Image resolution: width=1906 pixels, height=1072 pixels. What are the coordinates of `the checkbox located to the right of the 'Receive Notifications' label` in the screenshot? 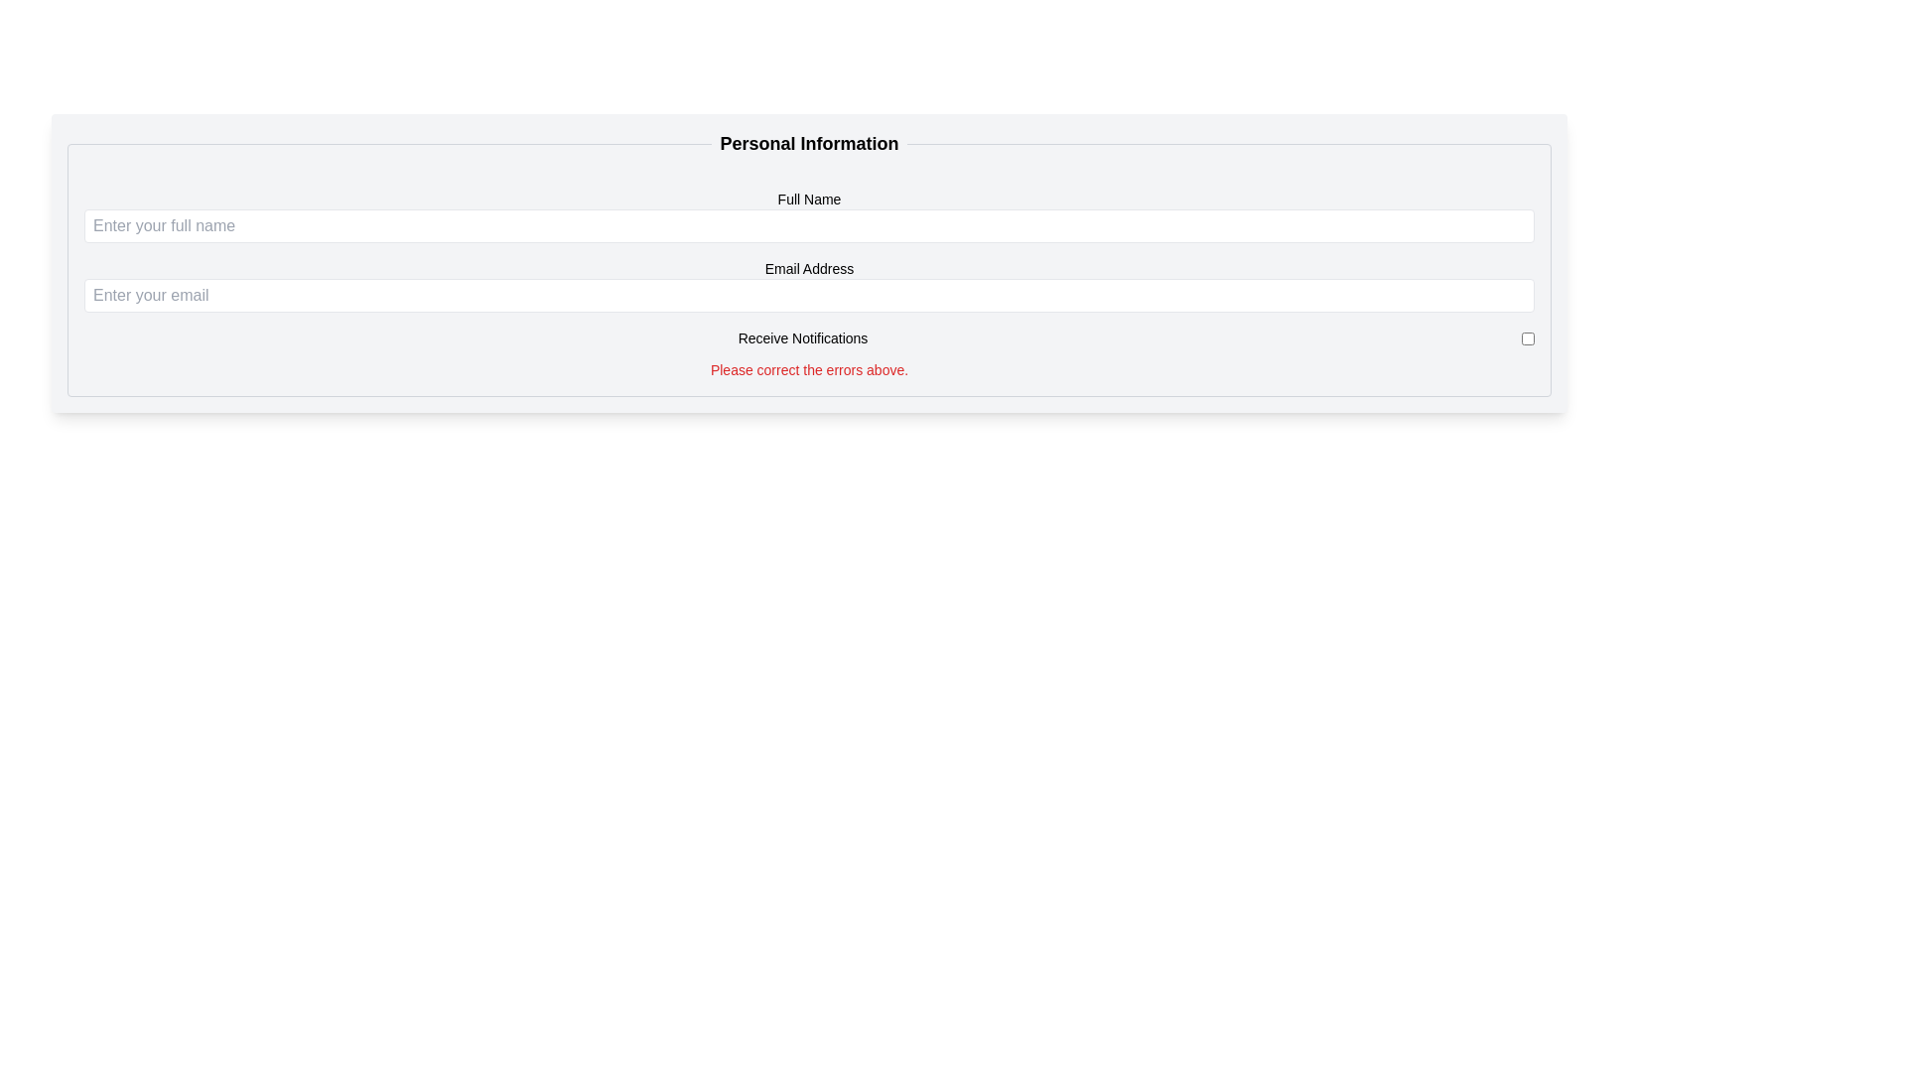 It's located at (1527, 336).